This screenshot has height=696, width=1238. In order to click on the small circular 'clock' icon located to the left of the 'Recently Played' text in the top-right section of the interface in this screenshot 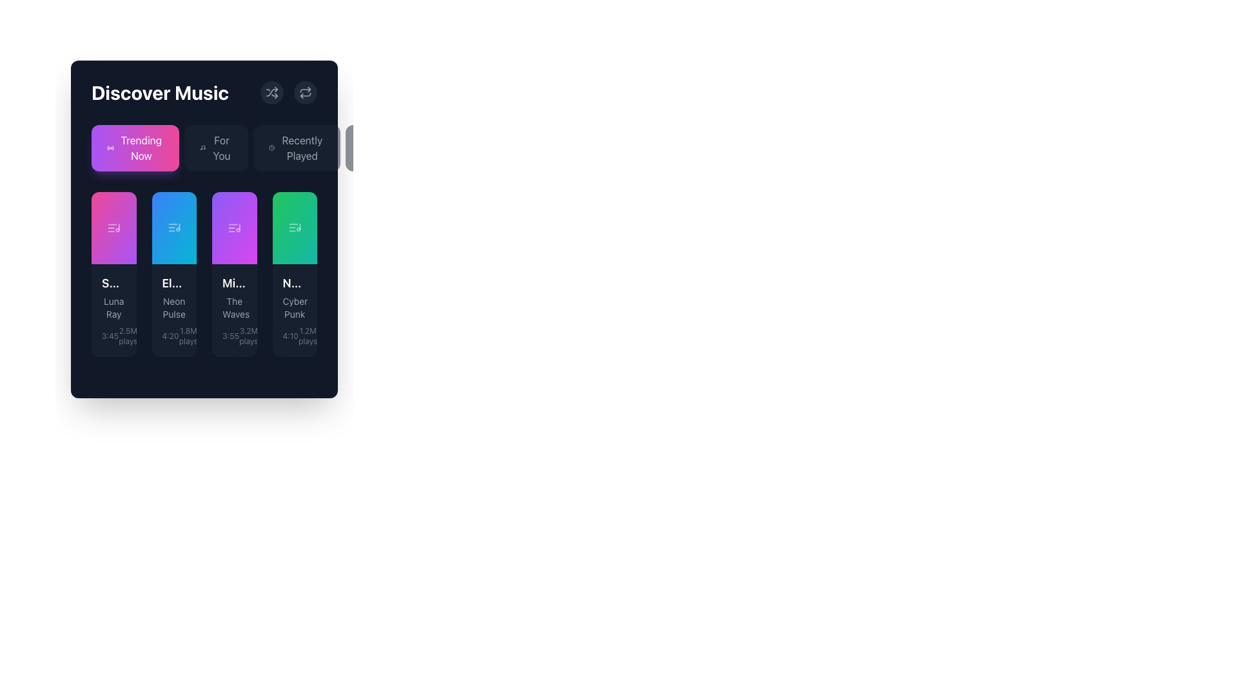, I will do `click(271, 148)`.